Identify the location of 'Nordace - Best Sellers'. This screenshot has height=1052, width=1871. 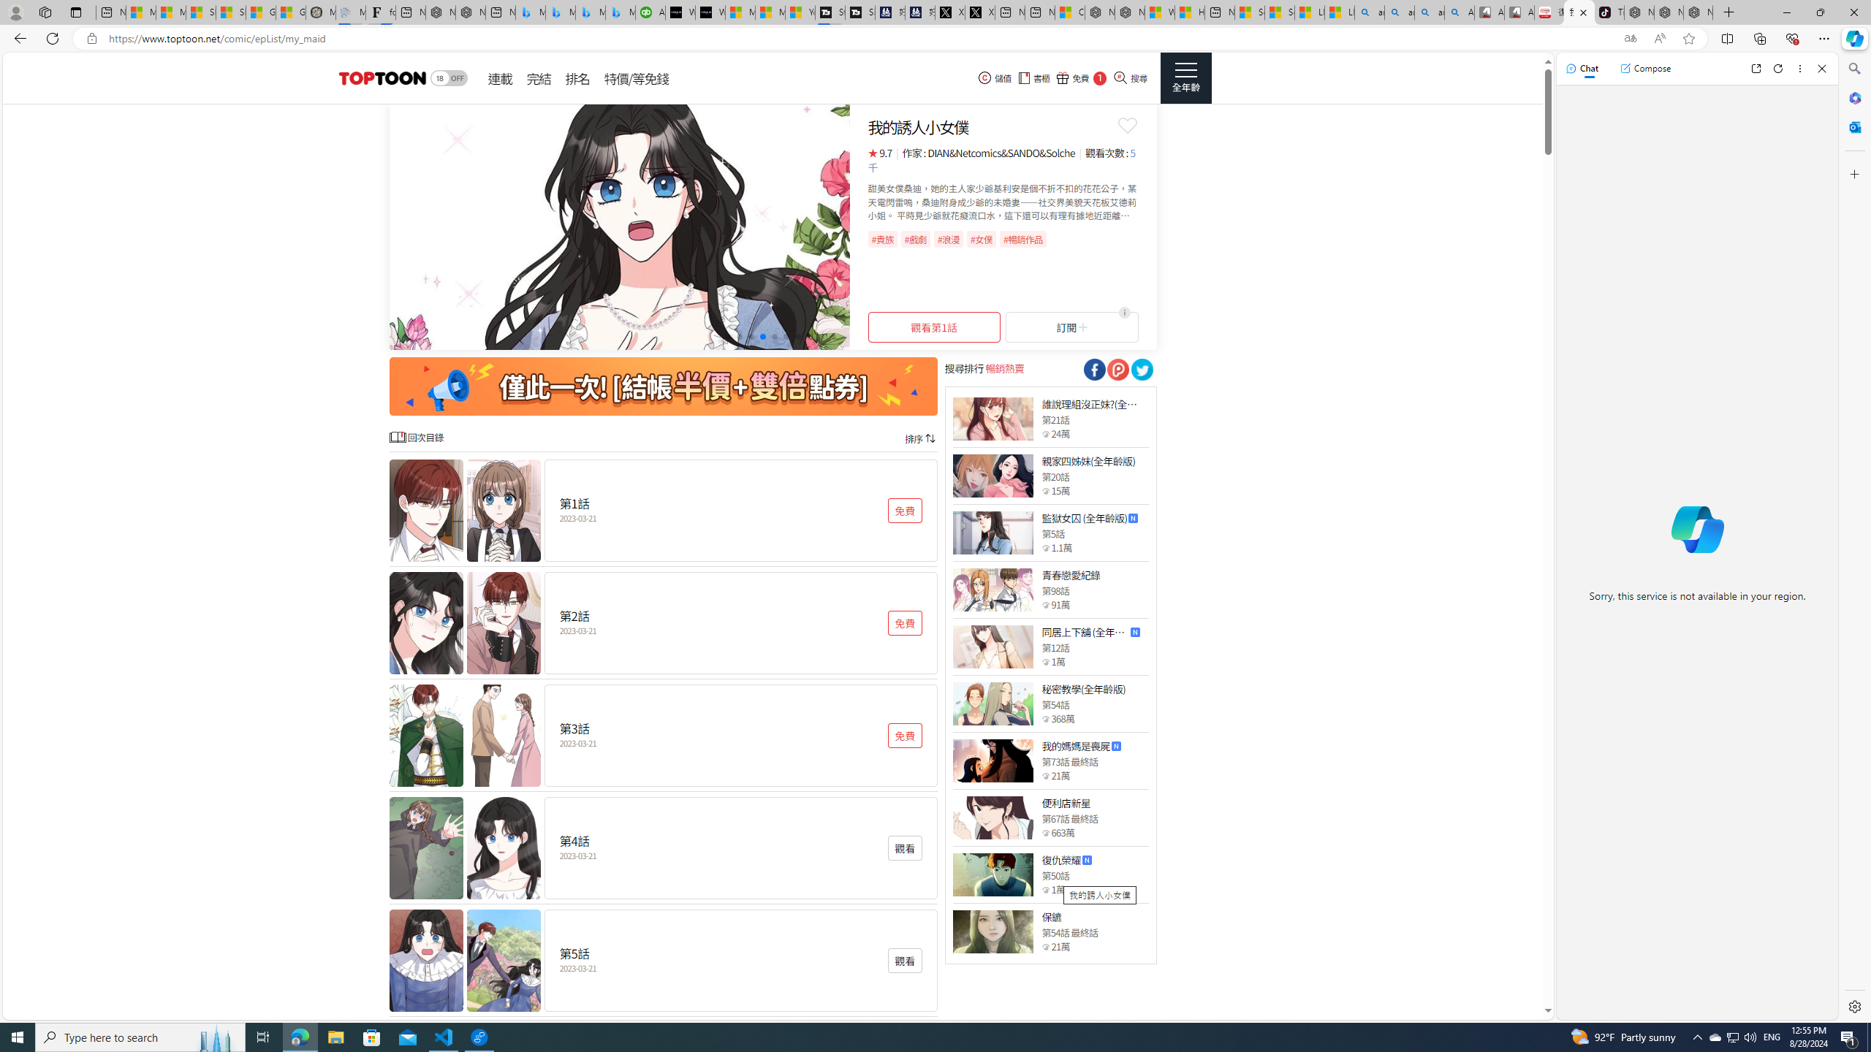
(1639, 12).